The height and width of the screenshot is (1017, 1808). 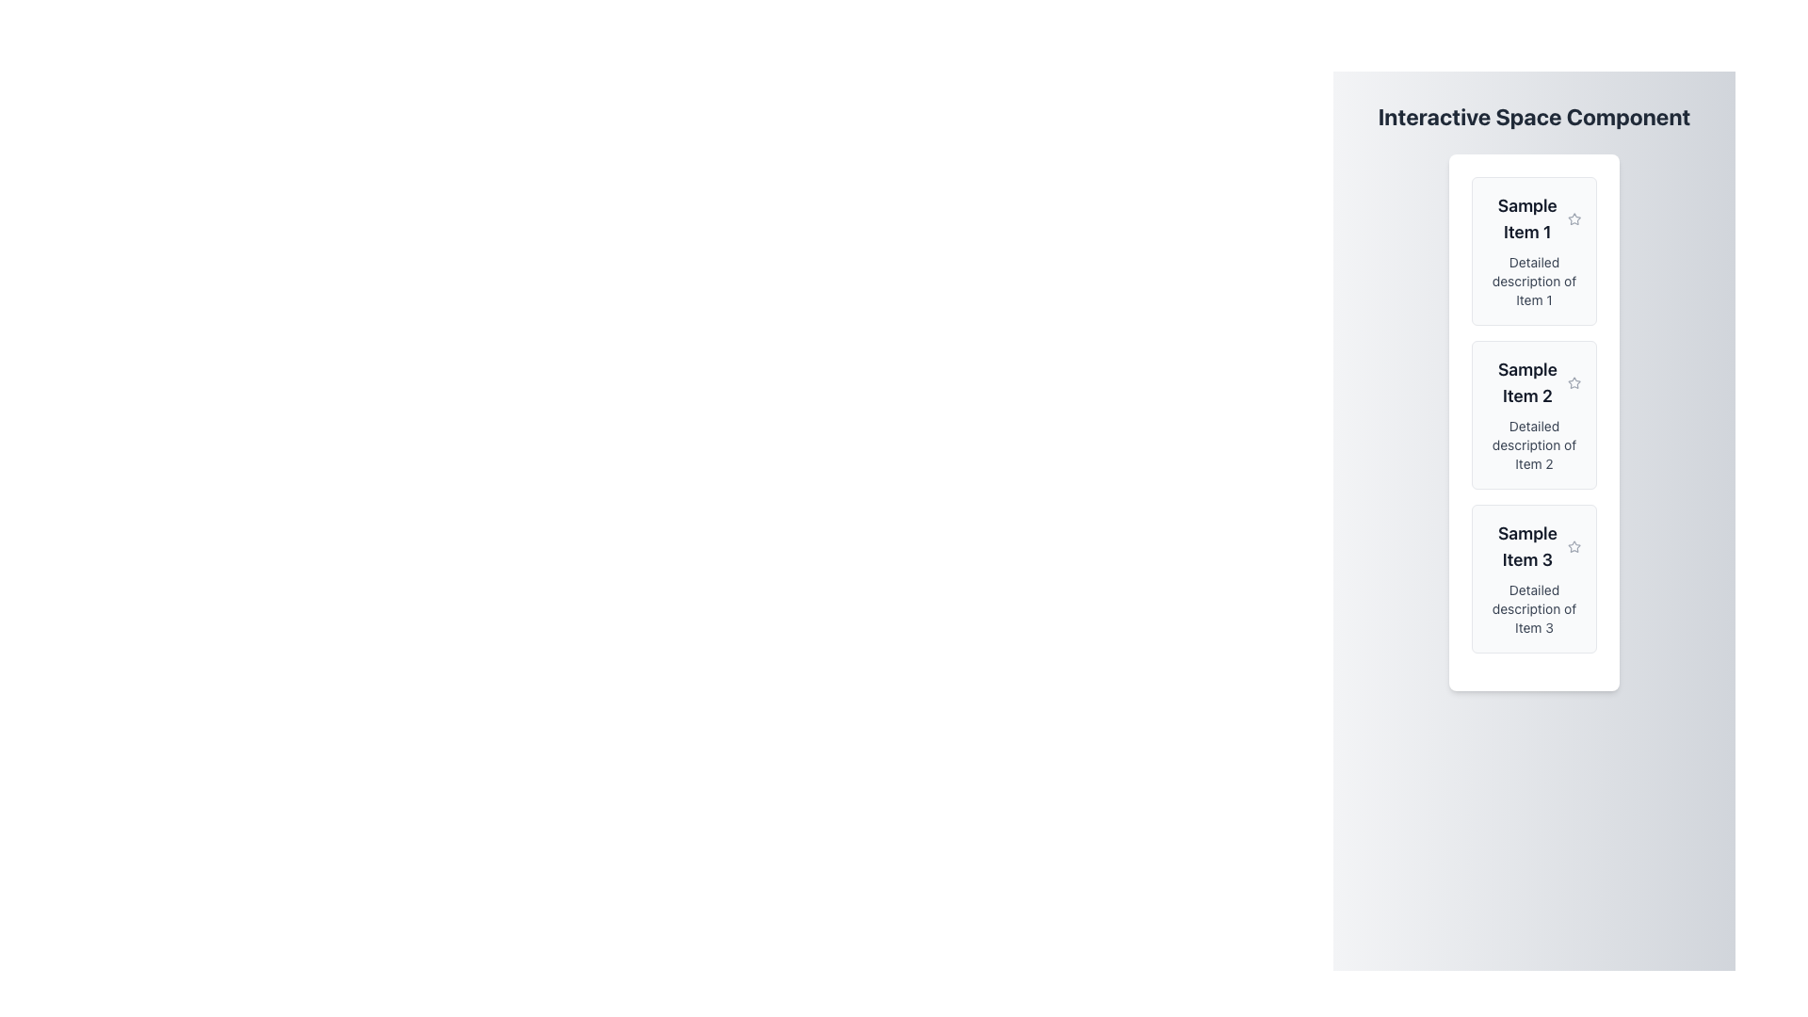 What do you see at coordinates (1574, 218) in the screenshot?
I see `the star icon next to 'Sample Item 1'` at bounding box center [1574, 218].